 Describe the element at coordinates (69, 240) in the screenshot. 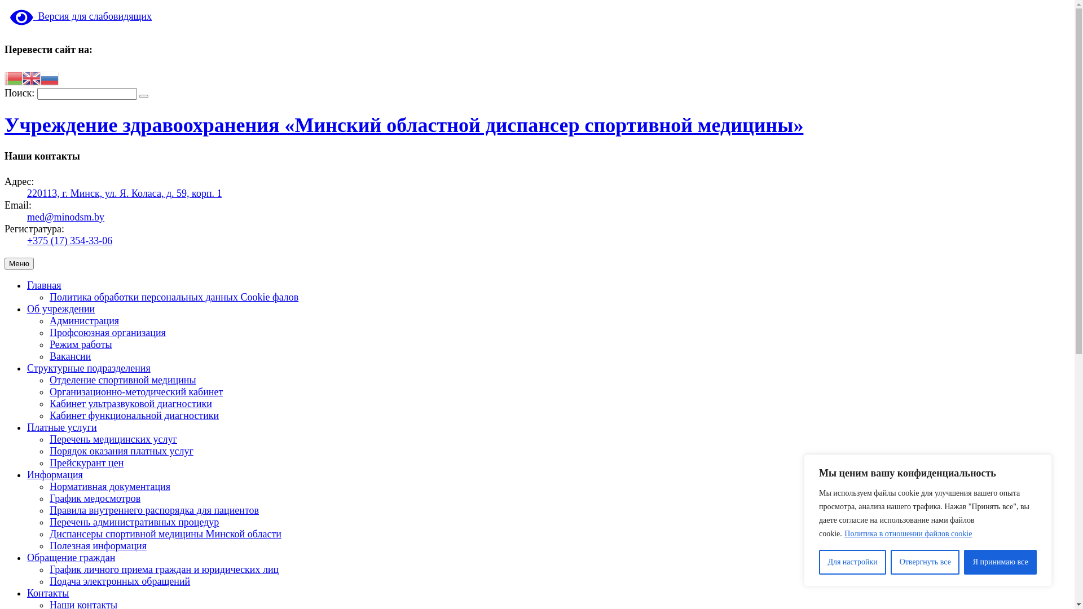

I see `'+375 (17) 354-33-06'` at that location.